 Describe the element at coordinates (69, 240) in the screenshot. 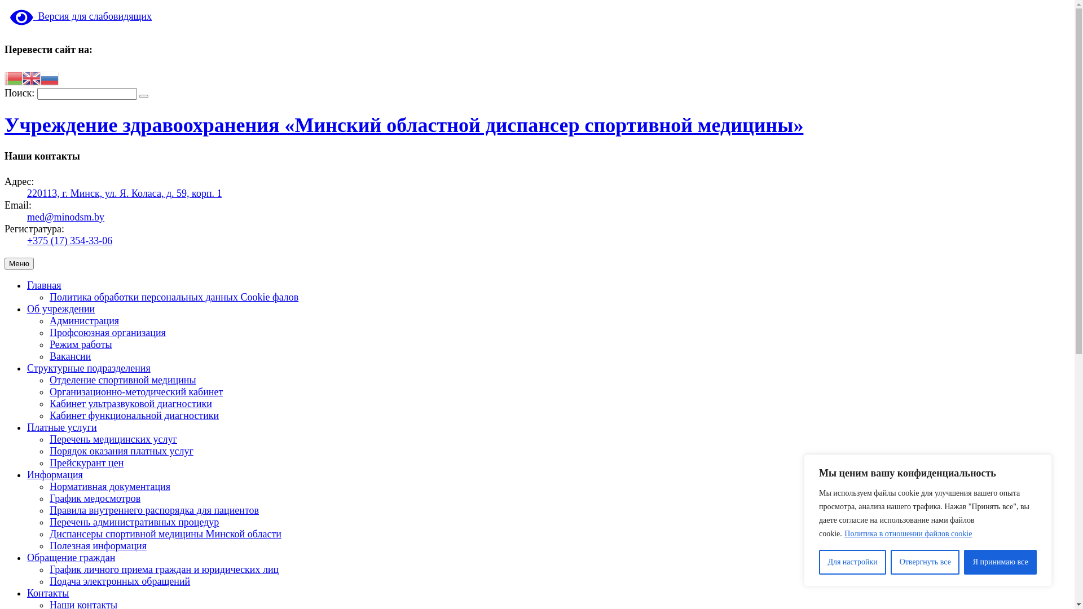

I see `'+375 (17) 354-33-06'` at that location.